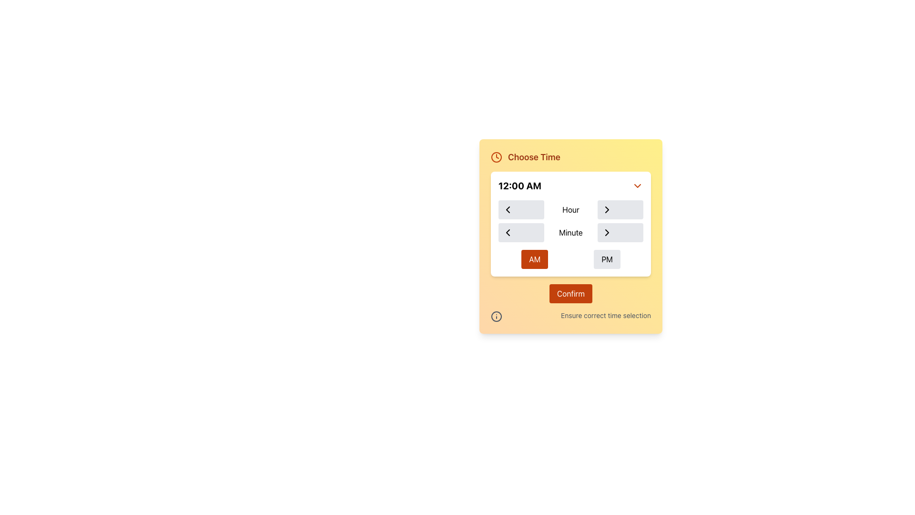  I want to click on the first arrow button to the left of the 'Hour' label in the 'Choose Time' window to decrease the hour value, so click(507, 209).